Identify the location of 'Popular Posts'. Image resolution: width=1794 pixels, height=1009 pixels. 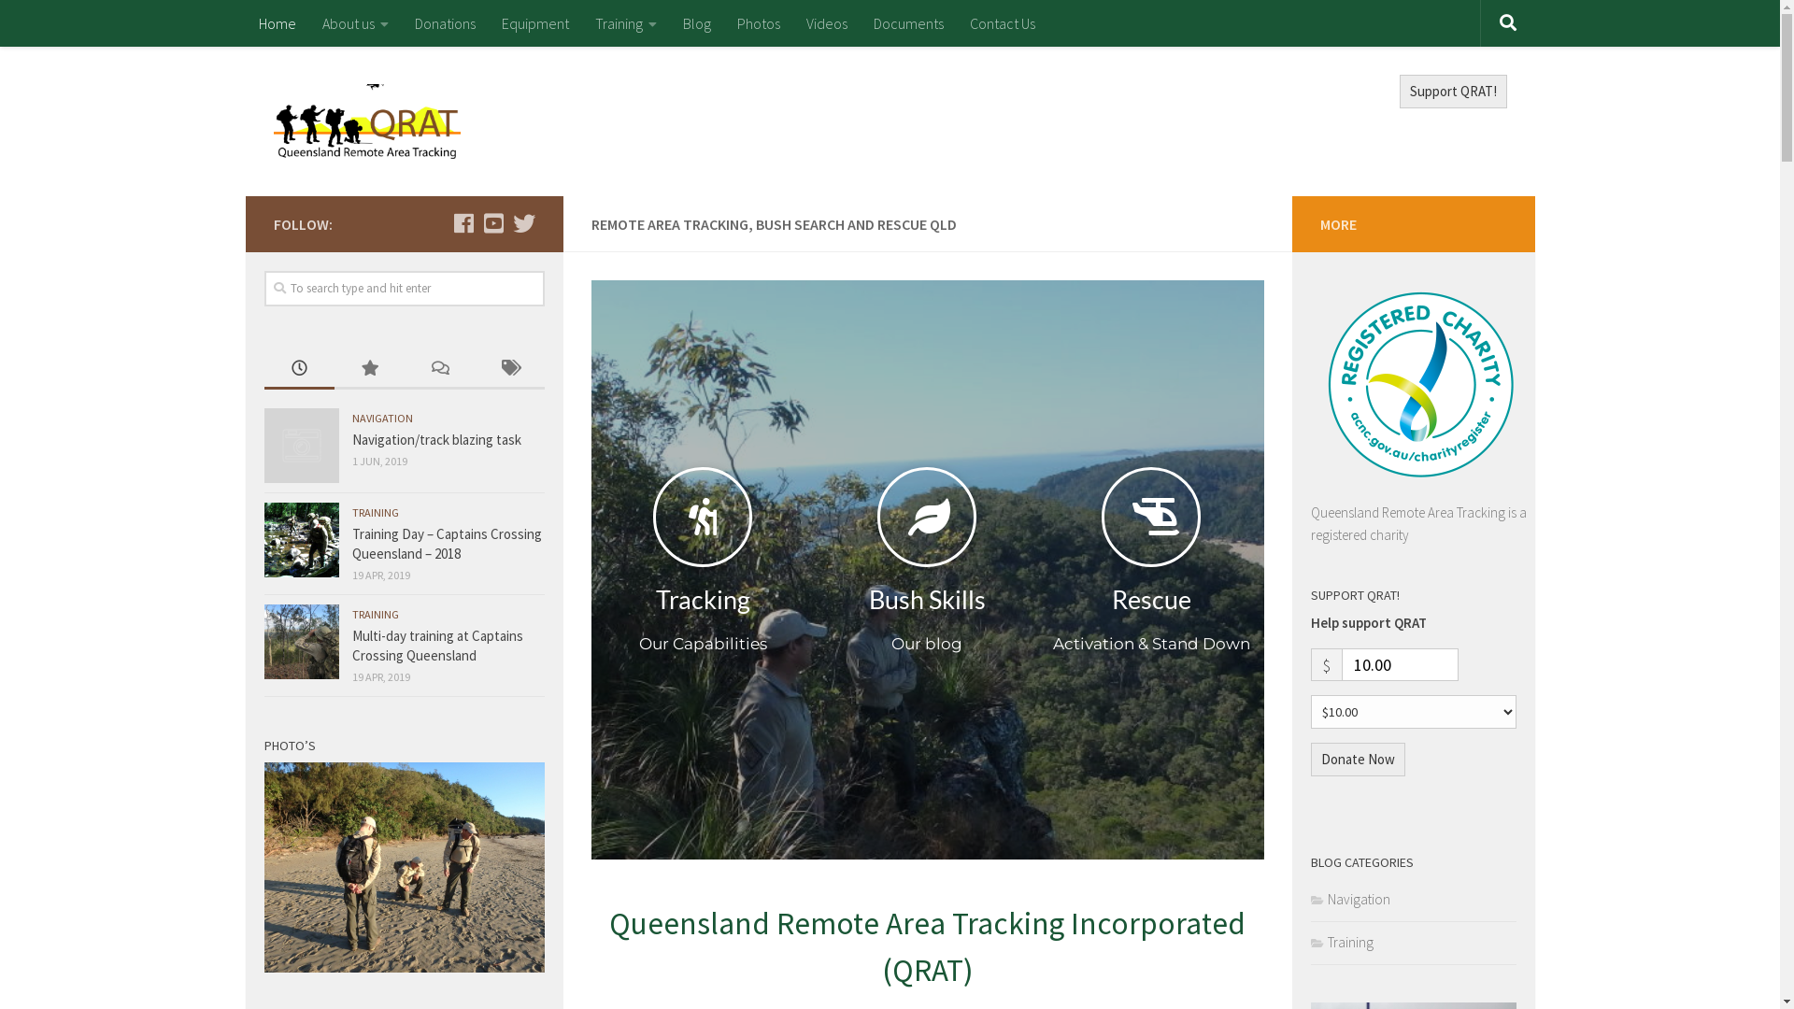
(335, 369).